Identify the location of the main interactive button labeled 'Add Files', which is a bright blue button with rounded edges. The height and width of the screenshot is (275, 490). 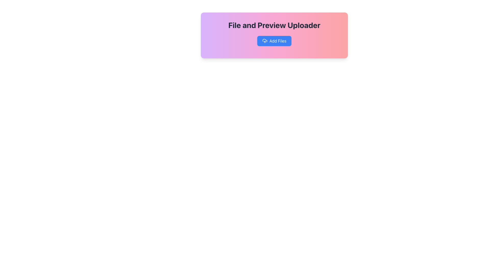
(274, 41).